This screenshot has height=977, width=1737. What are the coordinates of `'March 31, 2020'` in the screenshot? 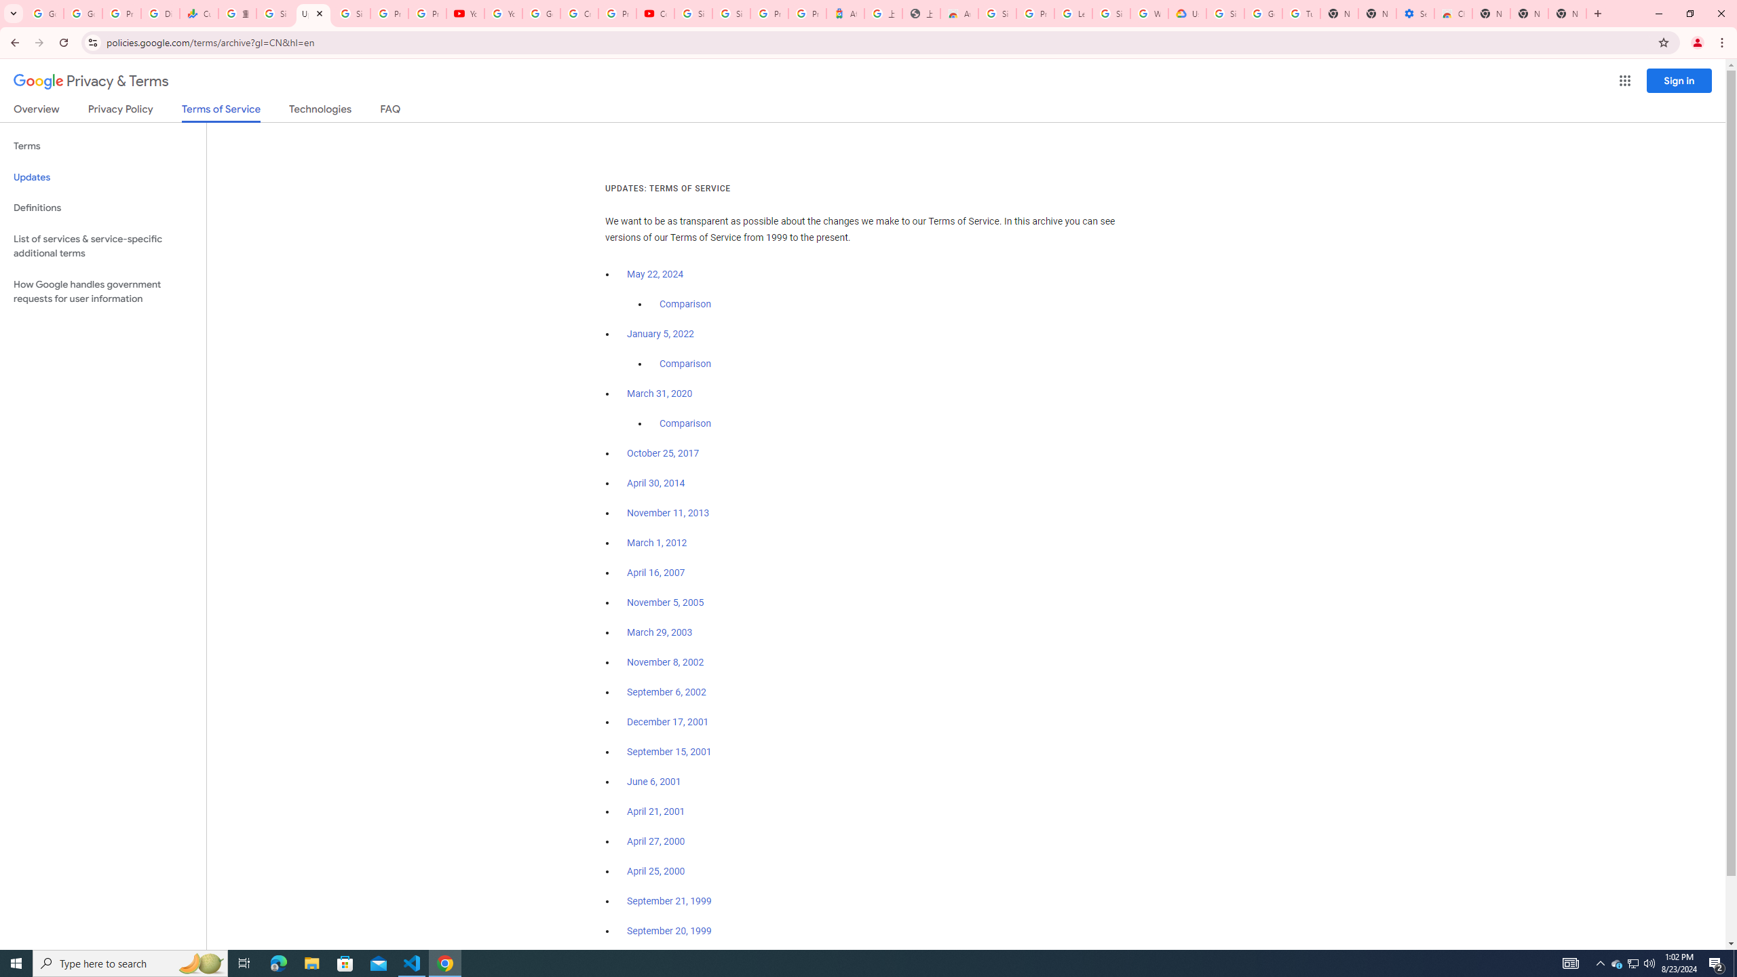 It's located at (659, 394).